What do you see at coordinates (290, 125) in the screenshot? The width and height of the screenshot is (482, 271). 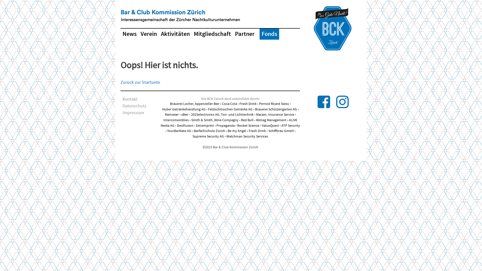 I see `'ATP Security'` at bounding box center [290, 125].